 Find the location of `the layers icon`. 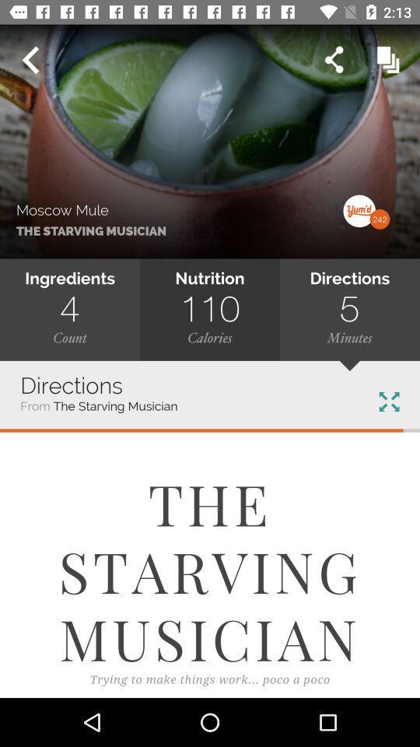

the layers icon is located at coordinates (387, 60).